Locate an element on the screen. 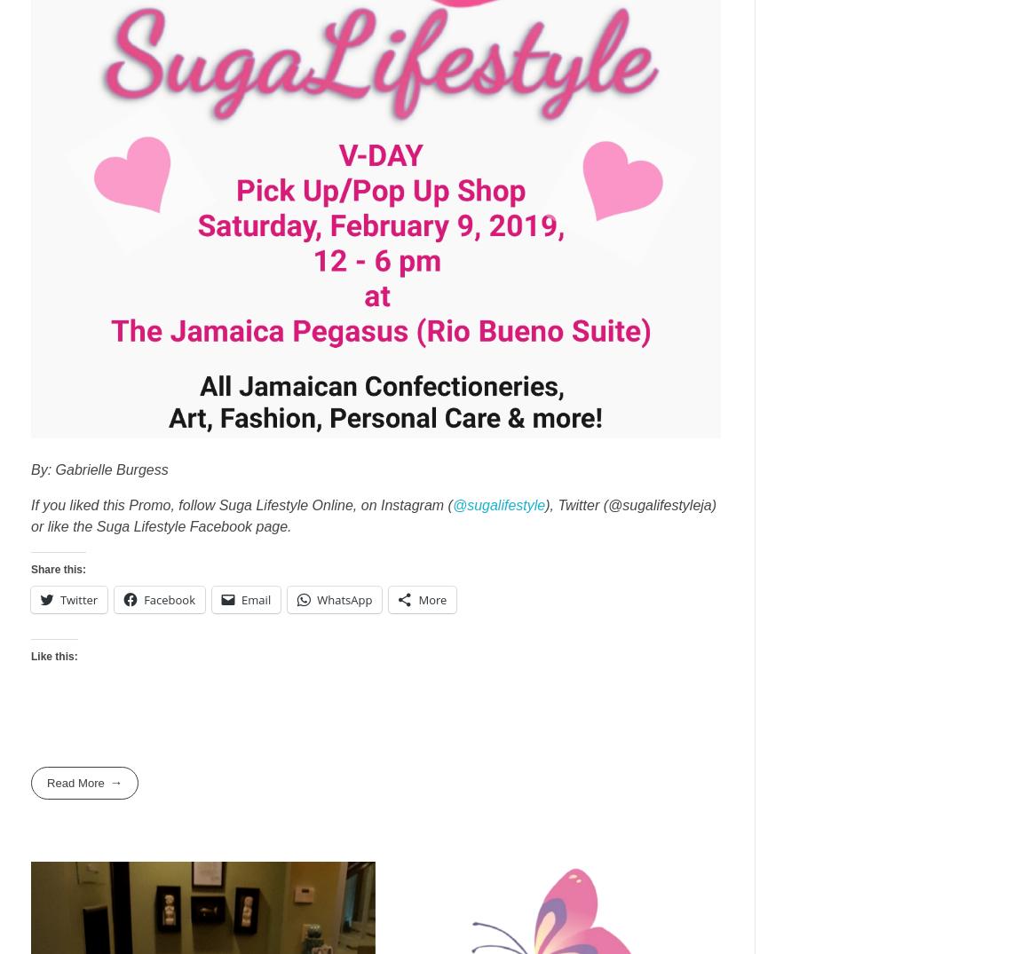 The height and width of the screenshot is (954, 1021). 'Read More' is located at coordinates (74, 781).